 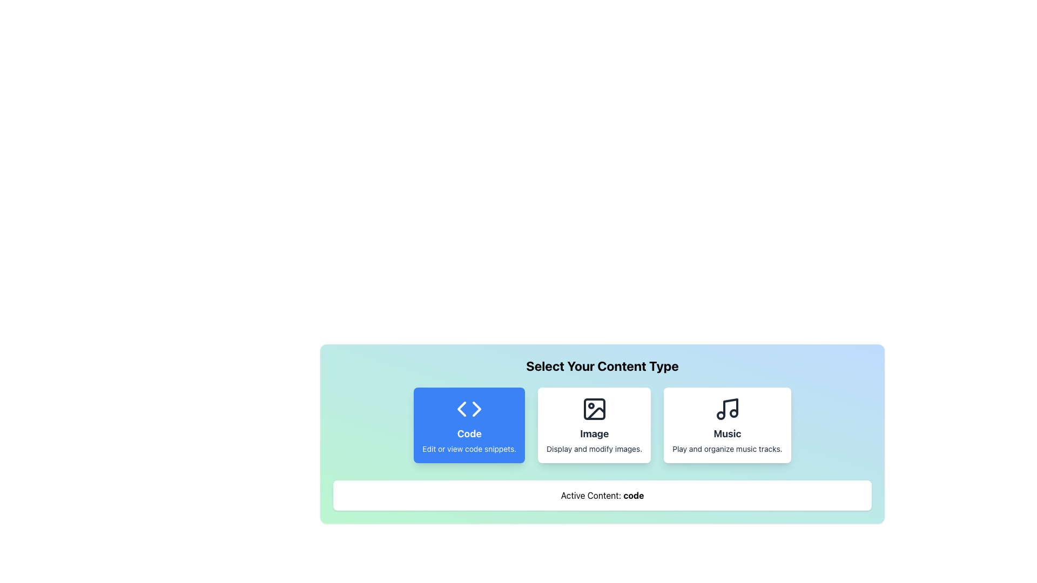 I want to click on the music selection card located as the third card in a row of three cards, positioned to the right of the 'Code' and 'Image' cards, so click(x=727, y=424).